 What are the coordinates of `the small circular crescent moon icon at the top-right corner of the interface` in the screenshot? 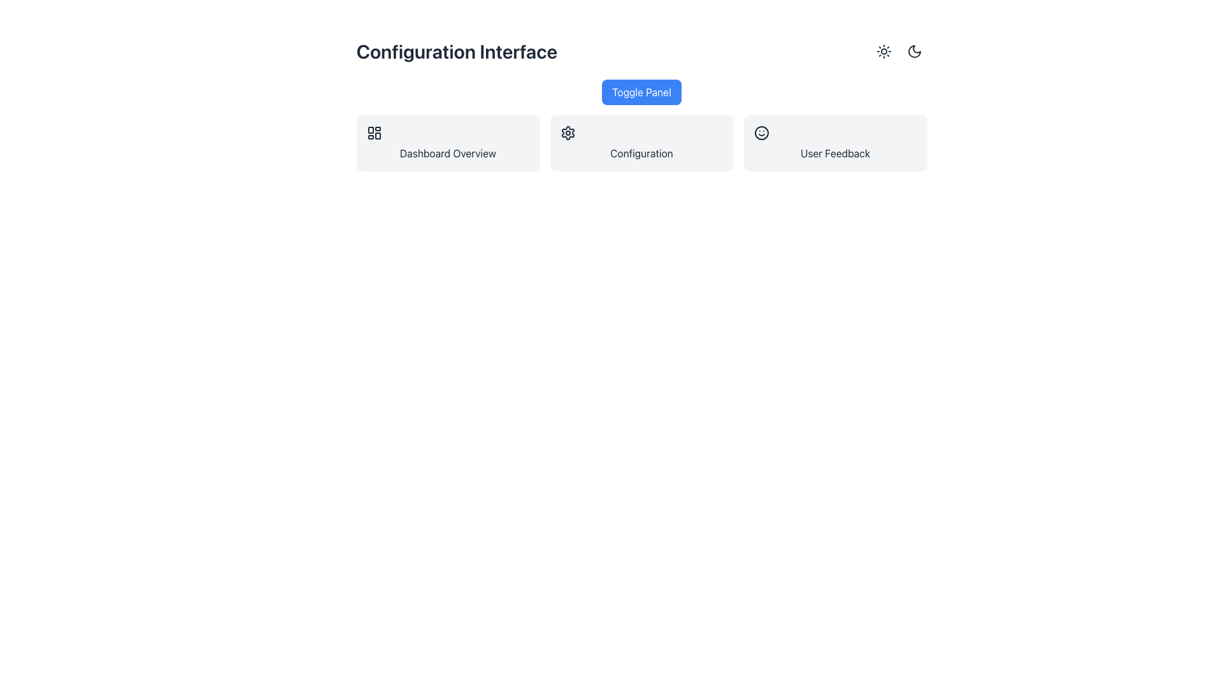 It's located at (913, 51).